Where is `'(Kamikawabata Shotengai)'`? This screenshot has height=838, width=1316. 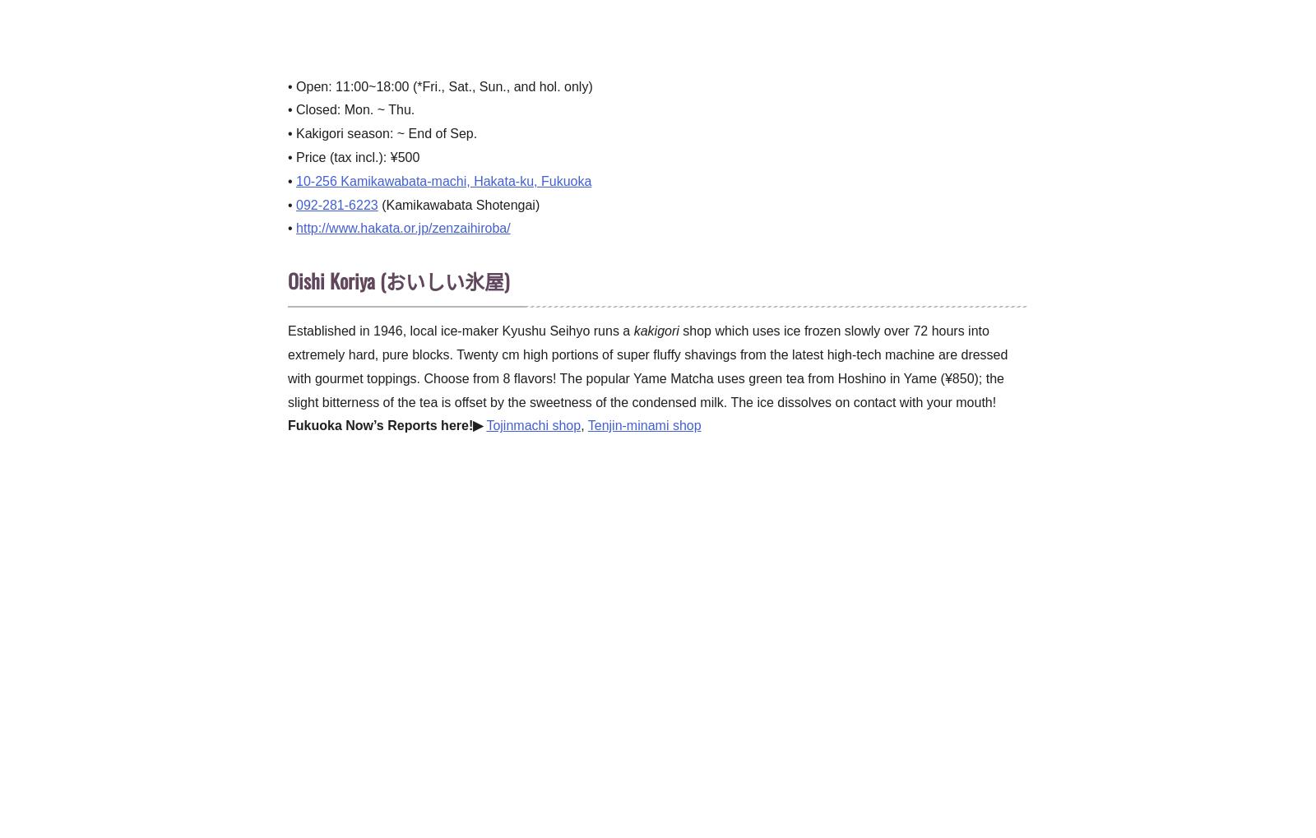
'(Kamikawabata Shotengai)' is located at coordinates (457, 204).